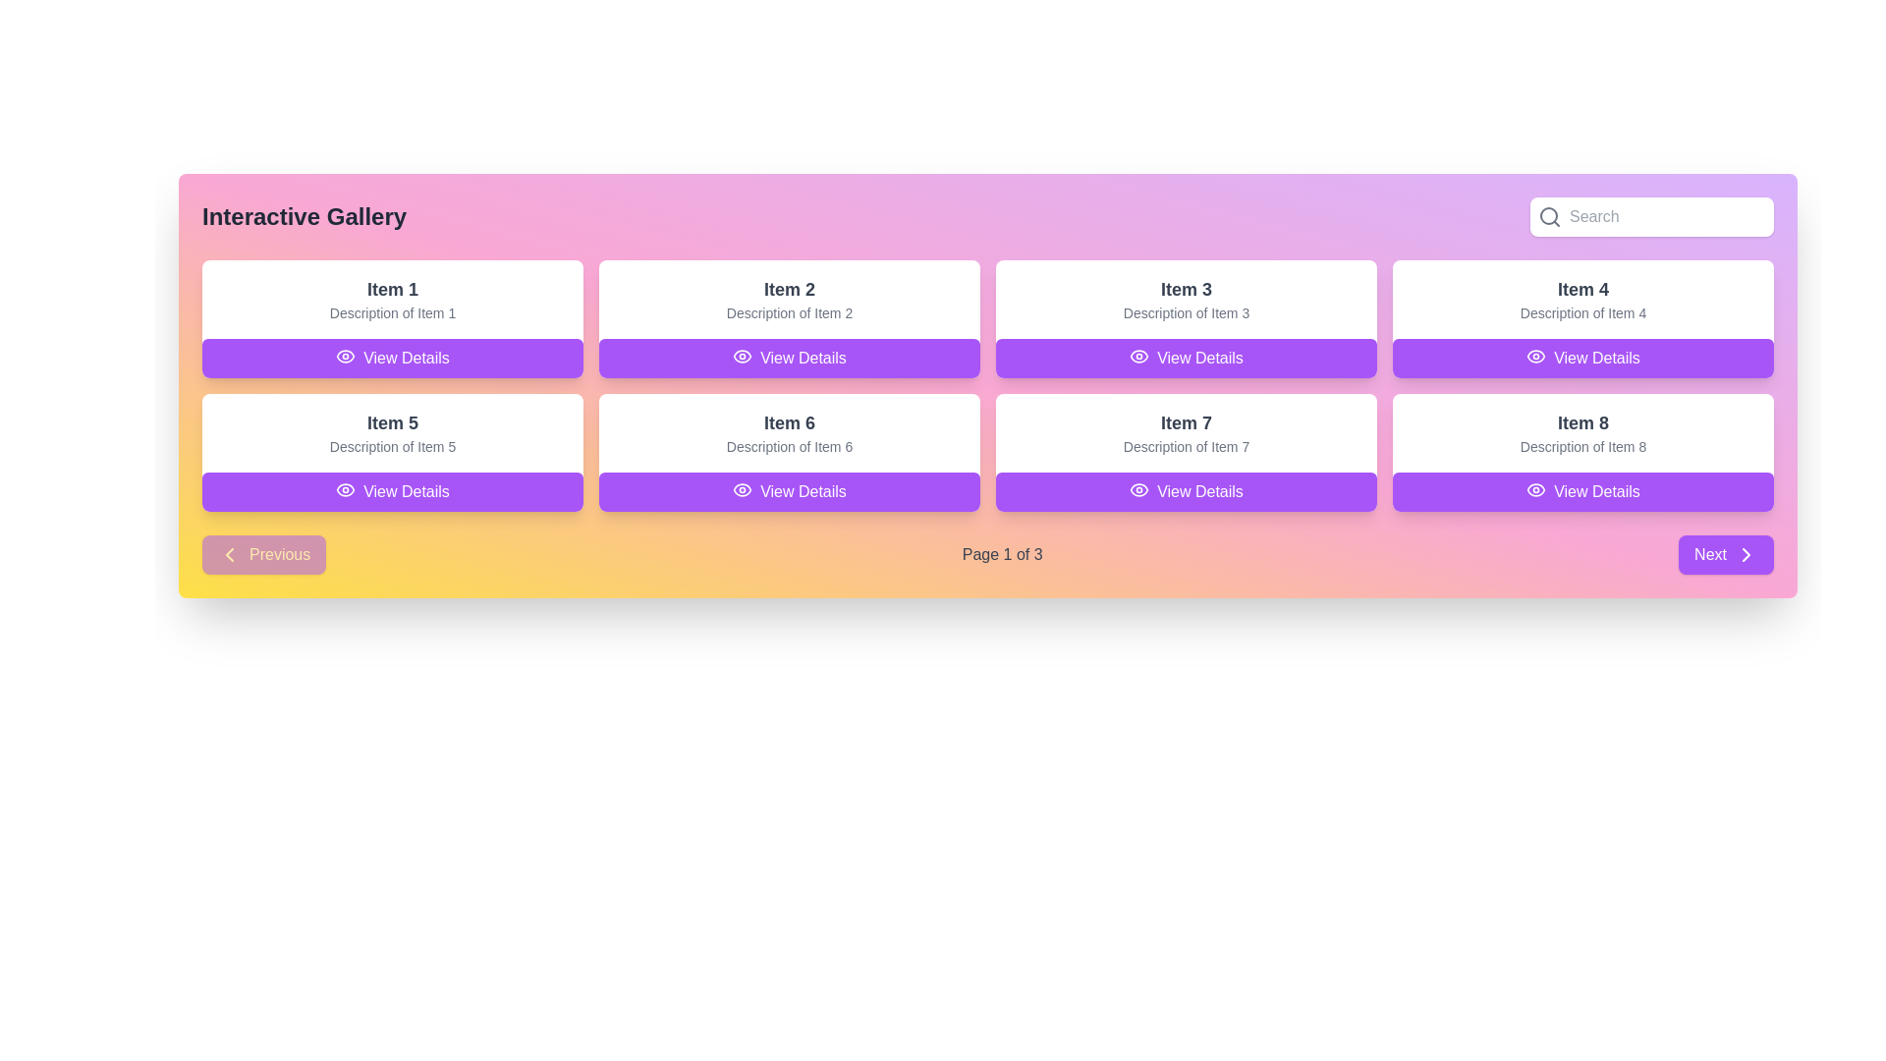 The width and height of the screenshot is (1886, 1061). Describe the element at coordinates (1583, 491) in the screenshot. I see `the 'View Details' button with a purple background and white rounded corners, located at the bottom of the 'Item 8' card` at that location.